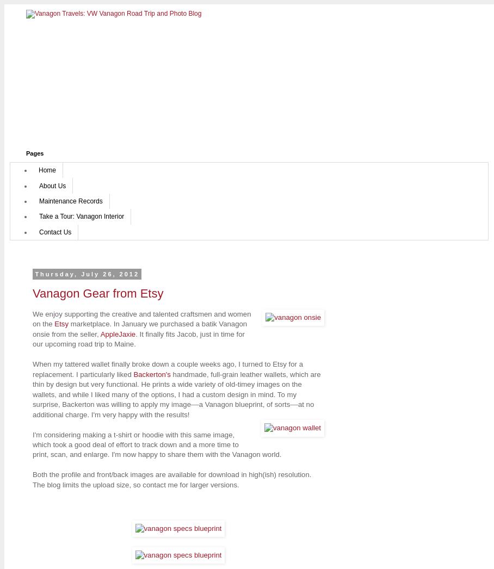  I want to click on 'handmade, full-grain leather wallets, which are thin by design but very functional. He', so click(176, 379).